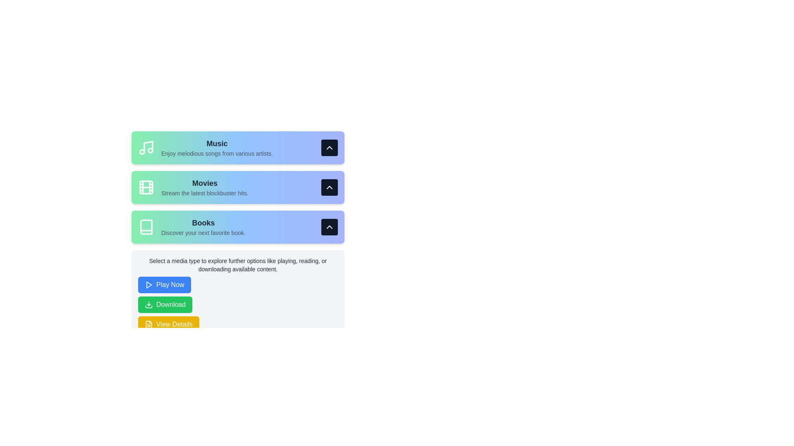 This screenshot has width=794, height=446. Describe the element at coordinates (203, 223) in the screenshot. I see `the bold text label reading 'Books', which is located in the middle section of the layout, specifically in the 'Books' section, above the 'Details' section` at that location.